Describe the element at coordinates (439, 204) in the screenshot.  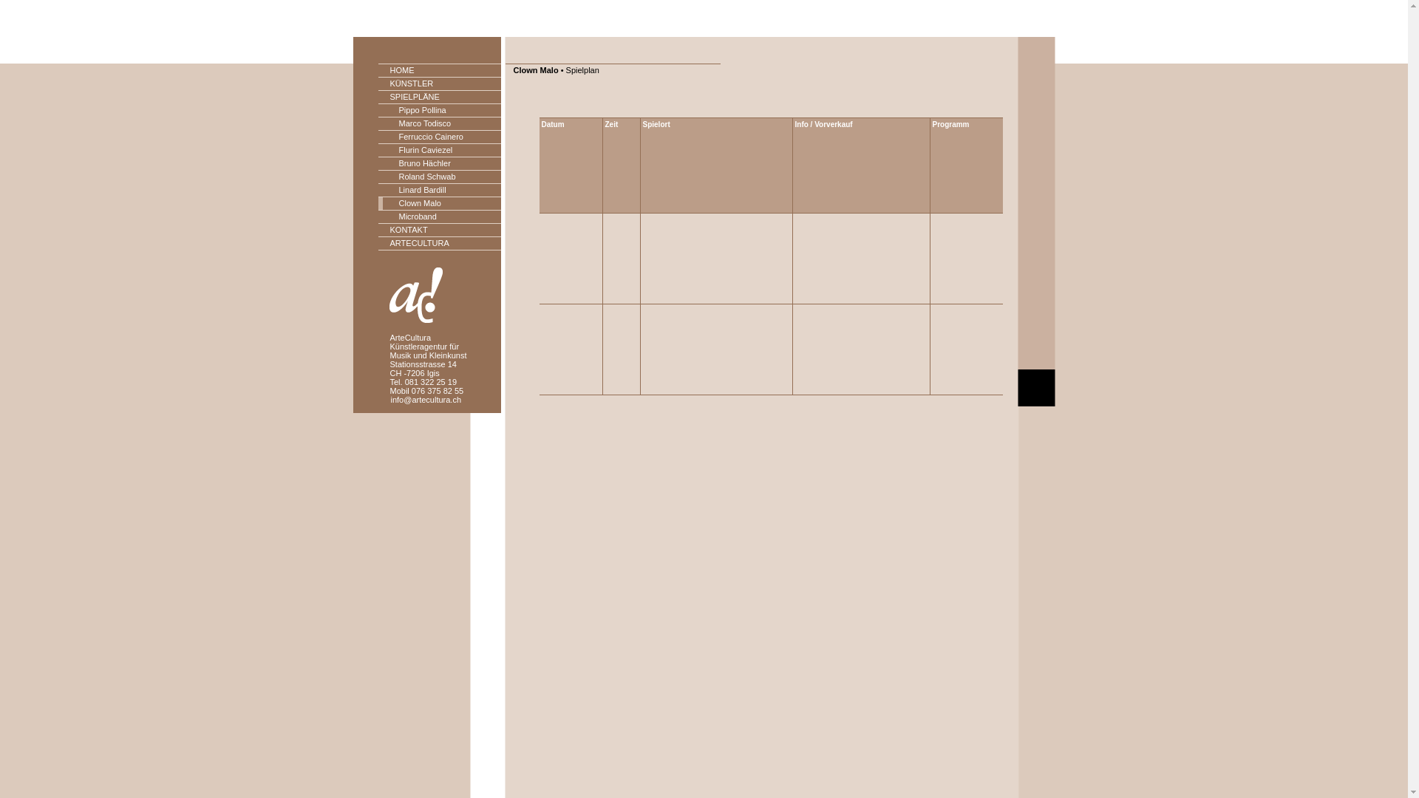
I see `'Clown Malo'` at that location.